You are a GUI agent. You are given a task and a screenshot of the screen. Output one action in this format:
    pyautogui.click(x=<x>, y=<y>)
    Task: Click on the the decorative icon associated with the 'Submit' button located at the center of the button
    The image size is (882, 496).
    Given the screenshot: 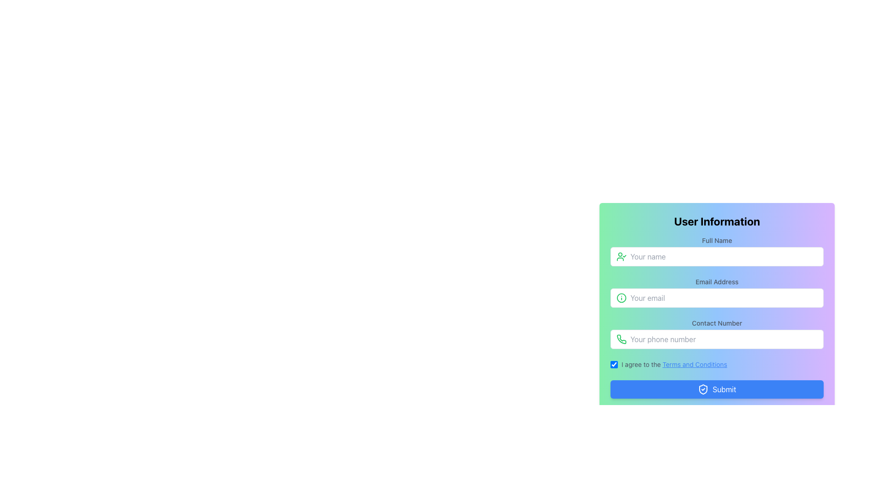 What is the action you would take?
    pyautogui.click(x=703, y=389)
    